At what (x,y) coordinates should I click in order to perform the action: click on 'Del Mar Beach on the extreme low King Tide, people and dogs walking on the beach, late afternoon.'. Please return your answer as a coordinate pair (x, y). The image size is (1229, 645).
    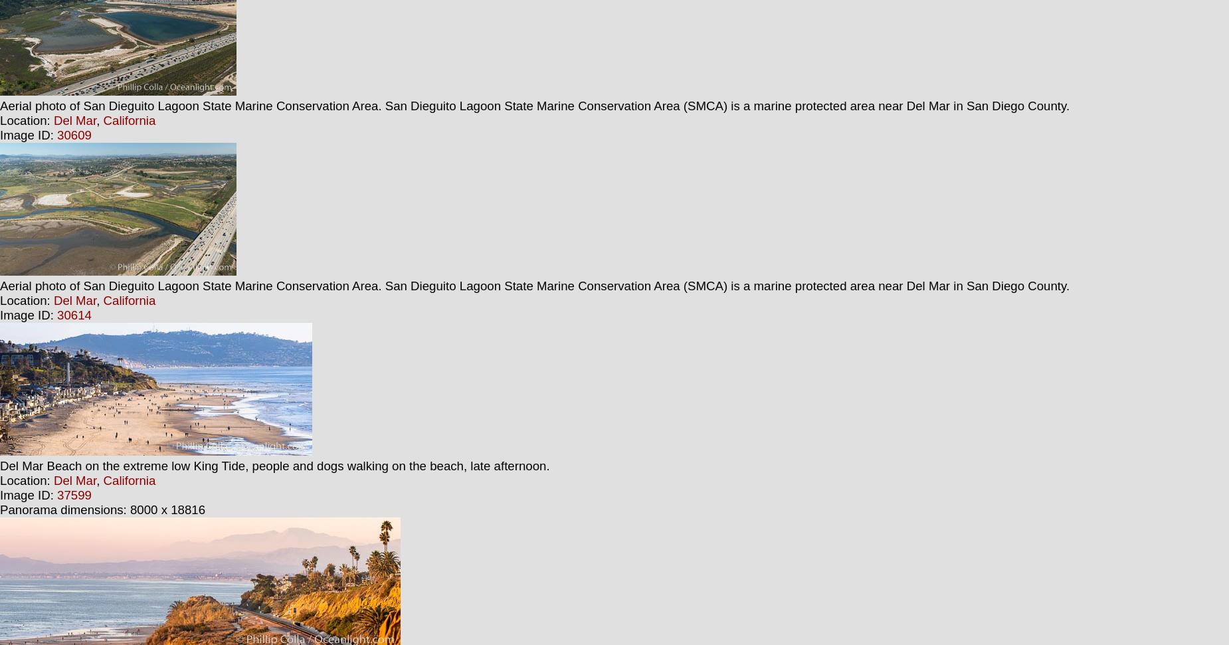
    Looking at the image, I should click on (274, 466).